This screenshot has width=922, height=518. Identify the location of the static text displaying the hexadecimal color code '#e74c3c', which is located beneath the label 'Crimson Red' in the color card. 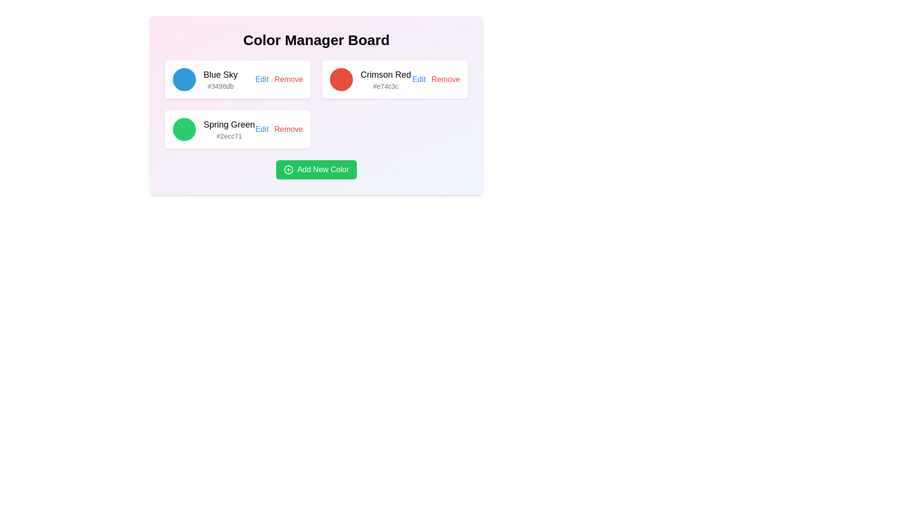
(386, 86).